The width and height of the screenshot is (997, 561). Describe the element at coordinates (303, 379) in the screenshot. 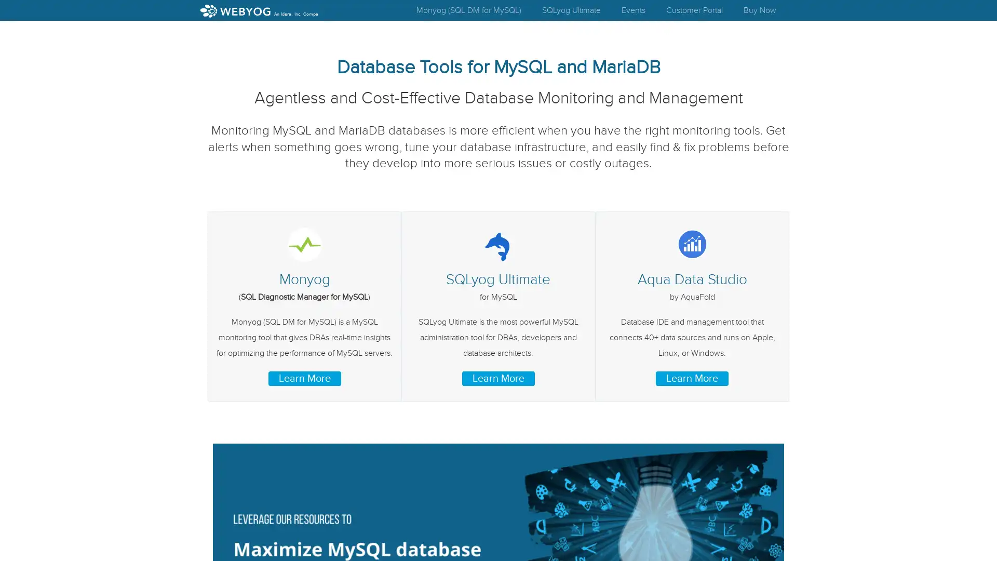

I see `Learn More` at that location.